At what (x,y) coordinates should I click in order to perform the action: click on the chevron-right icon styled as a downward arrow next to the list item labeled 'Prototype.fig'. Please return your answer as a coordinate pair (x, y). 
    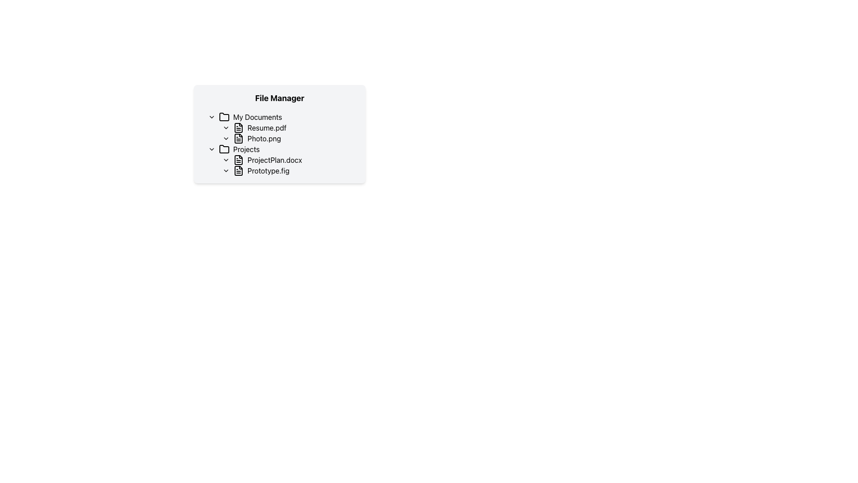
    Looking at the image, I should click on (226, 170).